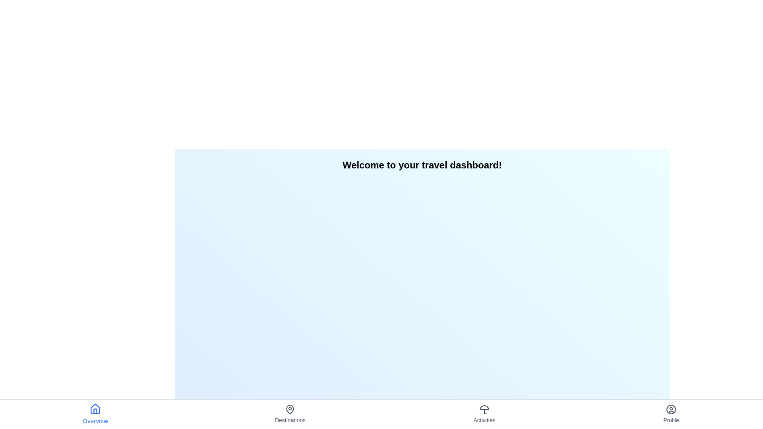  What do you see at coordinates (670, 409) in the screenshot?
I see `the decorative circle that is part of the user profile icon located in the bottom navigation bar on the far-right side` at bounding box center [670, 409].